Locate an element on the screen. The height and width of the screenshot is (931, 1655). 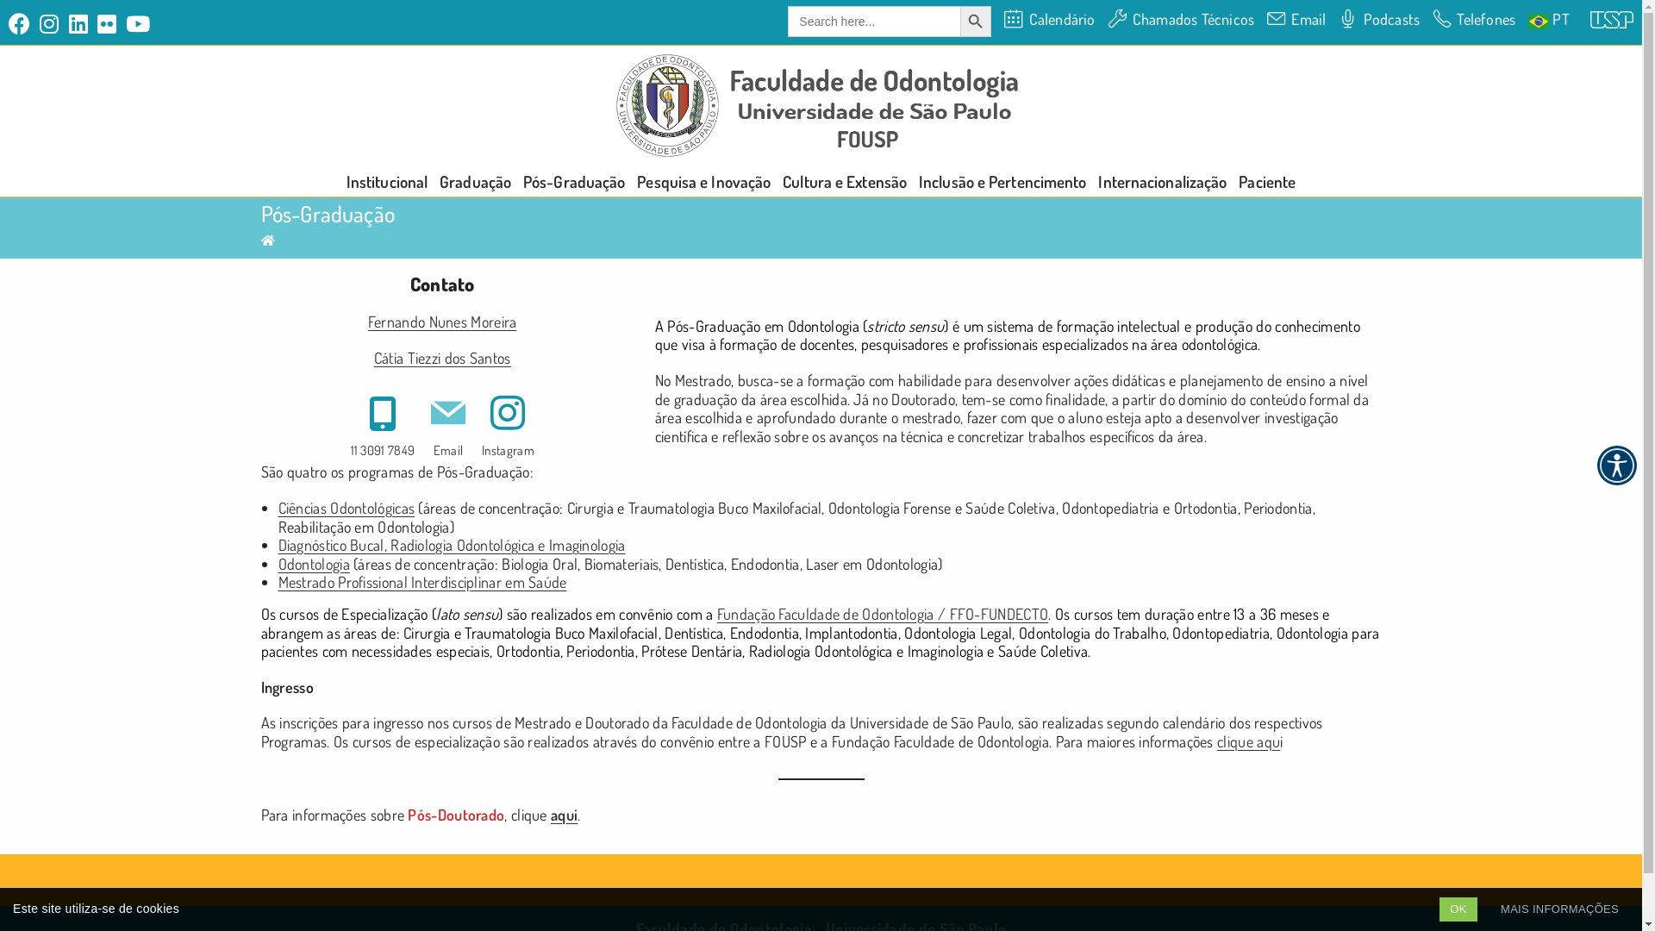
'Telefones' is located at coordinates (1472, 19).